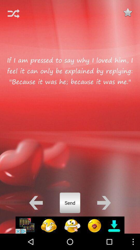 Image resolution: width=140 pixels, height=250 pixels. I want to click on suffle in random order, so click(13, 13).